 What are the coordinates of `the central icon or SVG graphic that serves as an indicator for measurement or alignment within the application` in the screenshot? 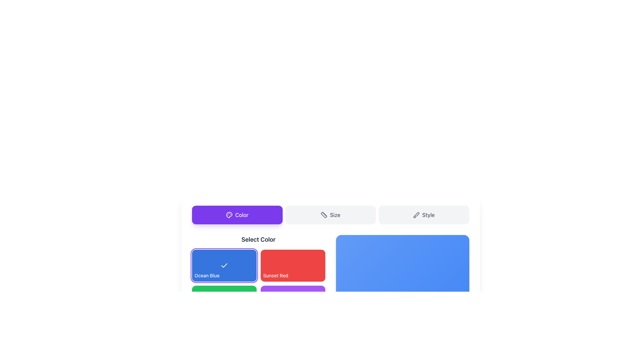 It's located at (324, 215).